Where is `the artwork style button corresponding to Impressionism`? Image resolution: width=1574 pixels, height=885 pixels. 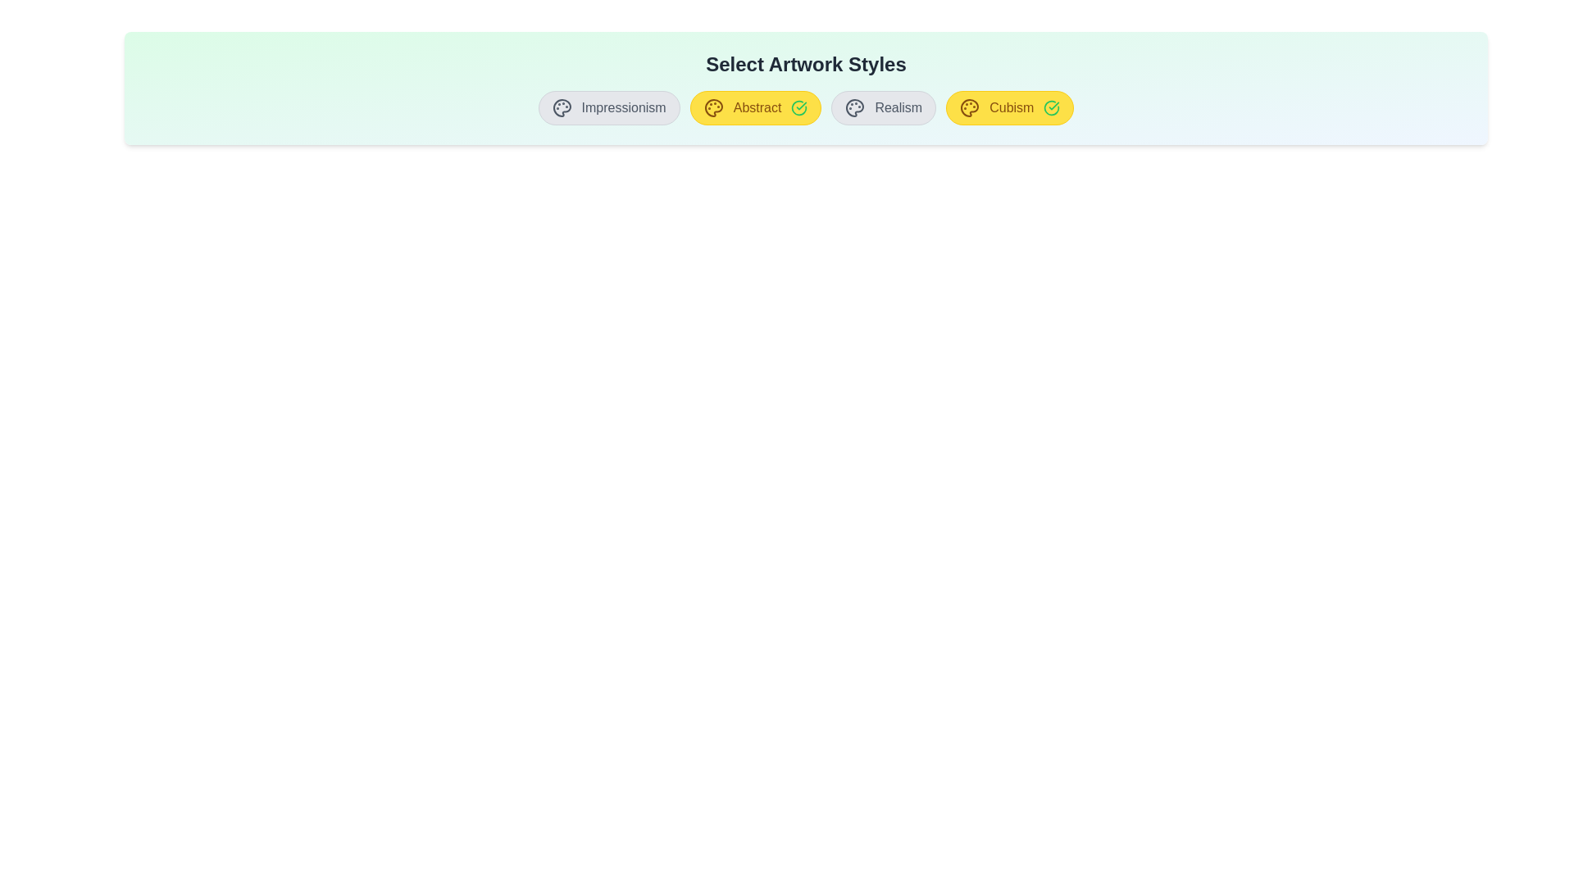 the artwork style button corresponding to Impressionism is located at coordinates (608, 107).